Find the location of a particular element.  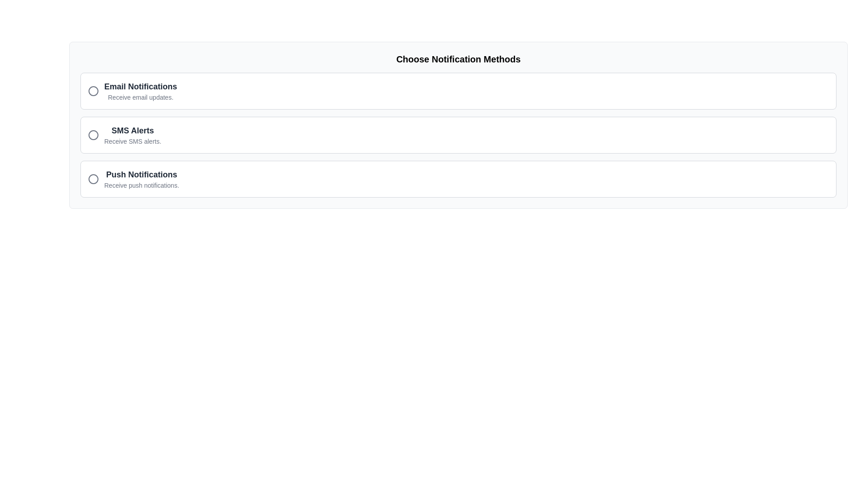

static text element that displays 'Receive push notifications.' styled in a small gray font, located beneath the heading 'Push Notifications' is located at coordinates (141, 185).